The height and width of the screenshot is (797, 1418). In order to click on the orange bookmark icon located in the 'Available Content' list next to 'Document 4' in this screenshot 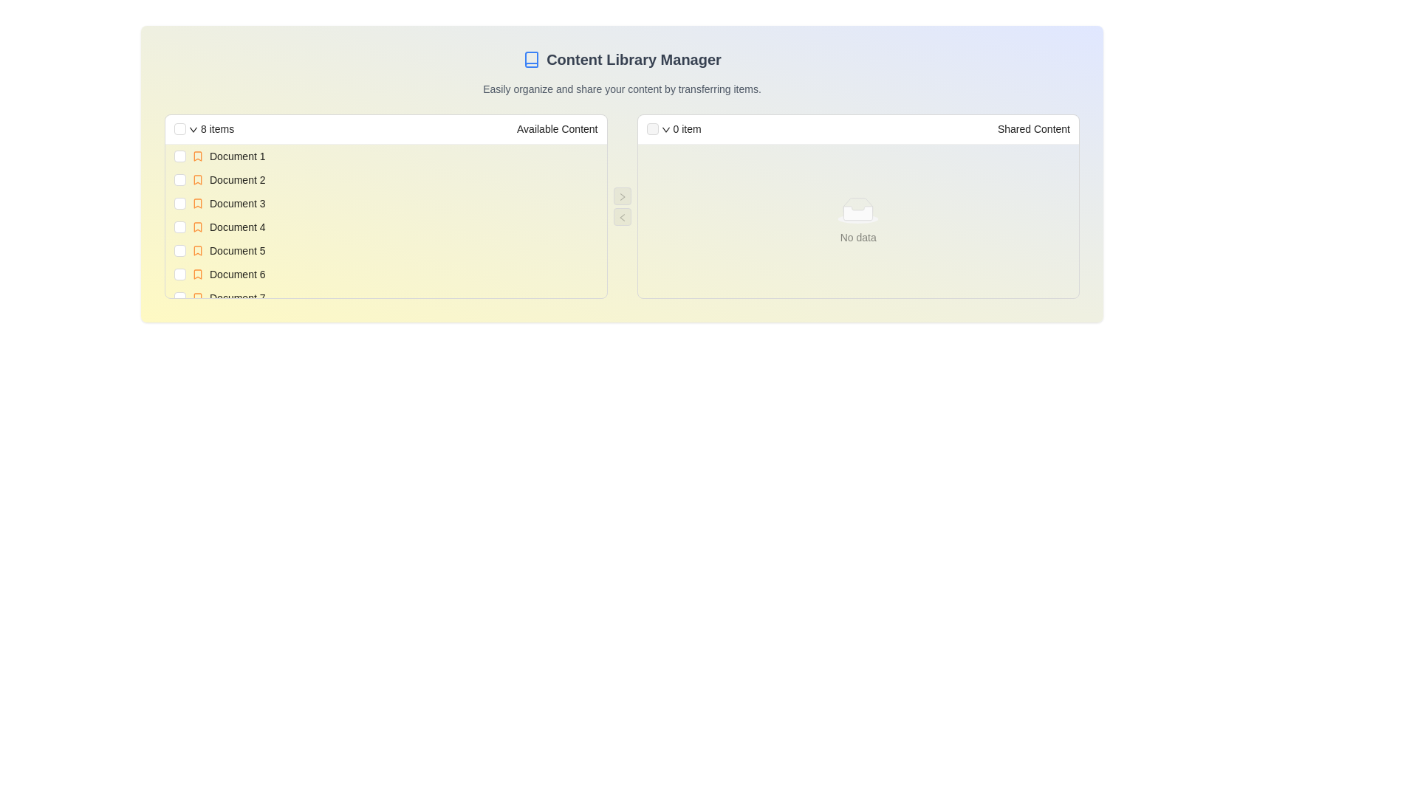, I will do `click(197, 227)`.